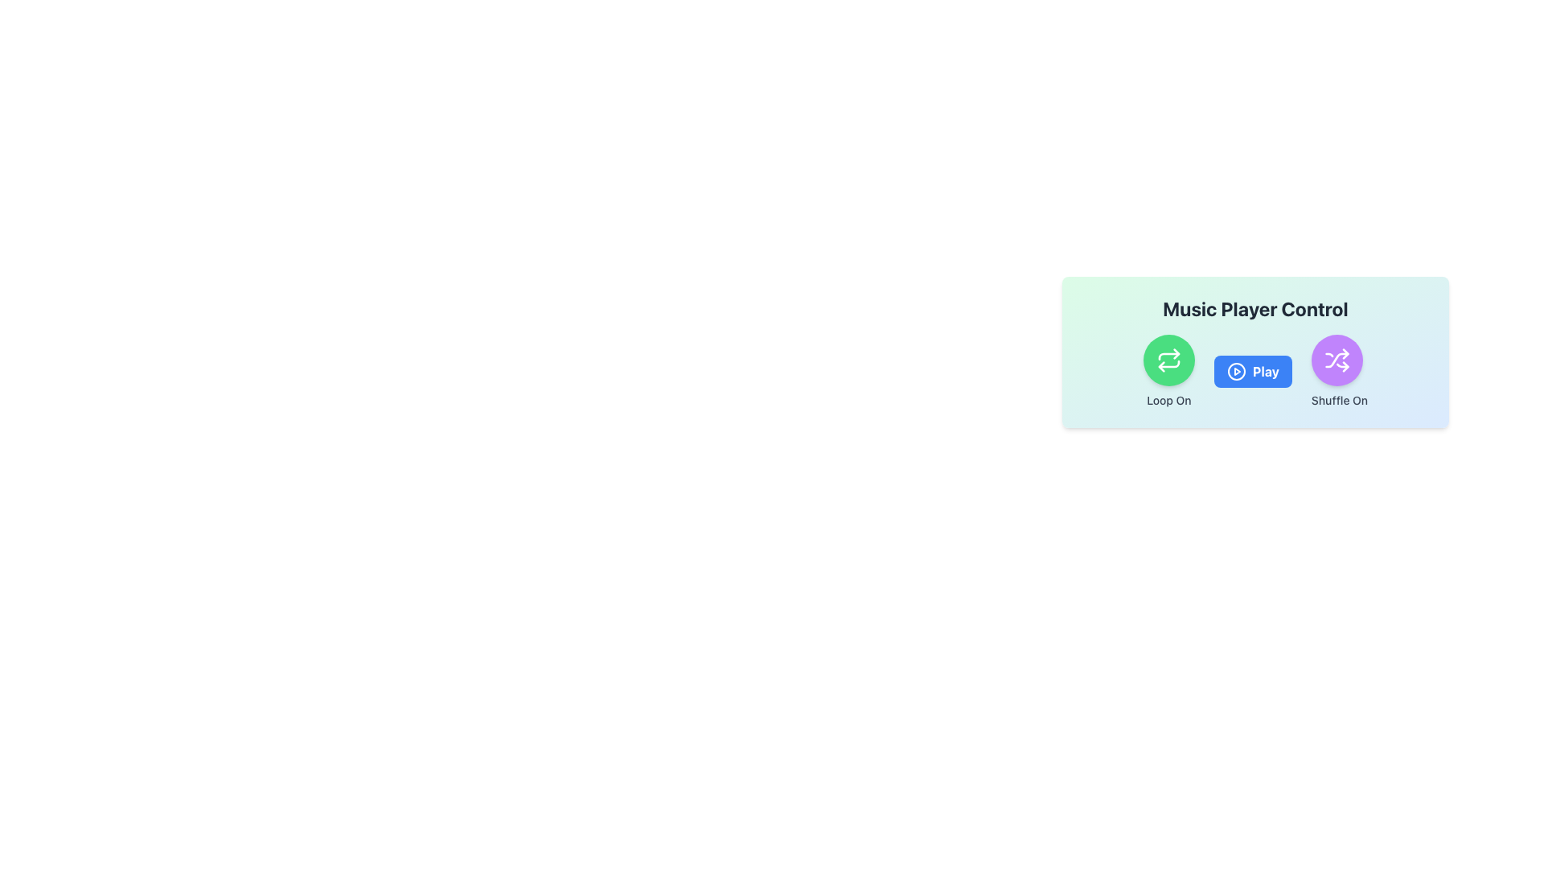 The height and width of the screenshot is (869, 1544). Describe the element at coordinates (1168, 359) in the screenshot. I see `the 'Loop' toggle button located under the 'Music Player Control' section` at that location.